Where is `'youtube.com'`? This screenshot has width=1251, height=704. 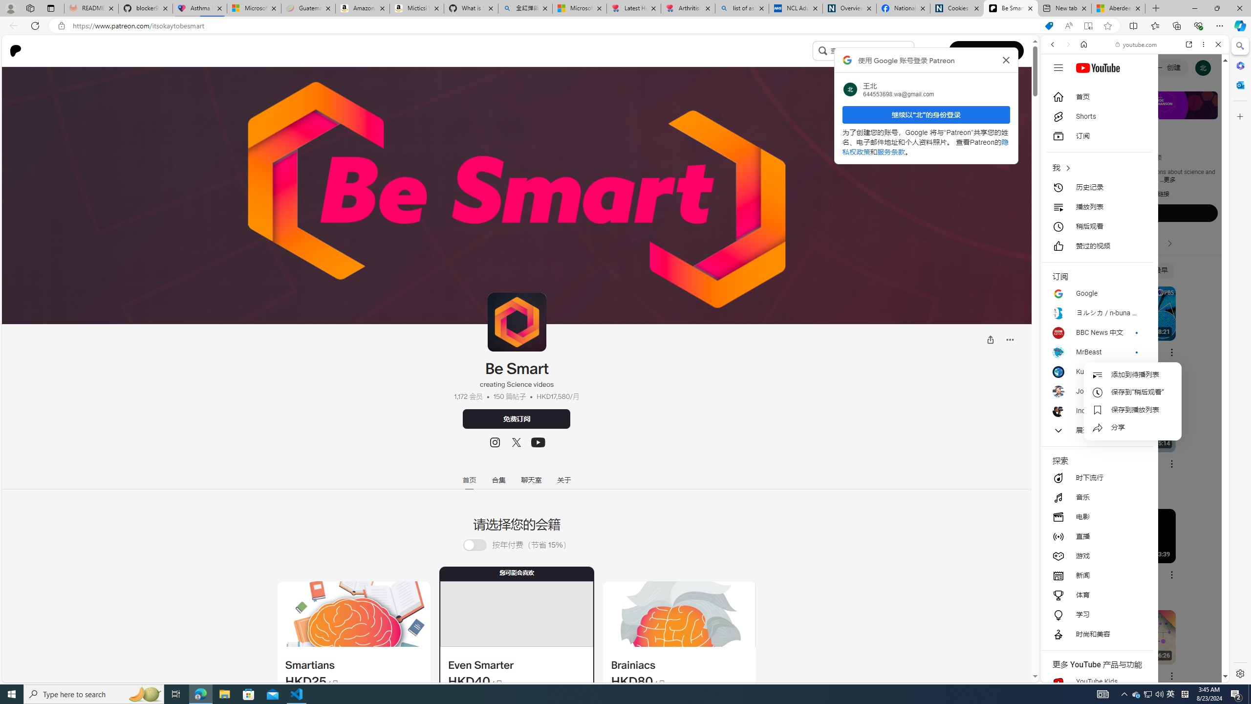 'youtube.com' is located at coordinates (1136, 44).